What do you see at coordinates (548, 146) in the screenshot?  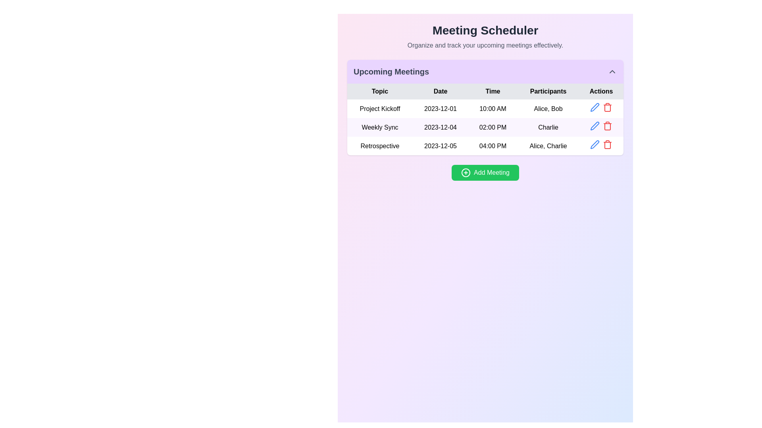 I see `the 'Participants' text element displaying 'Alice, Charlie' in the 'Retrospective' row of the Upcoming Meetings table` at bounding box center [548, 146].